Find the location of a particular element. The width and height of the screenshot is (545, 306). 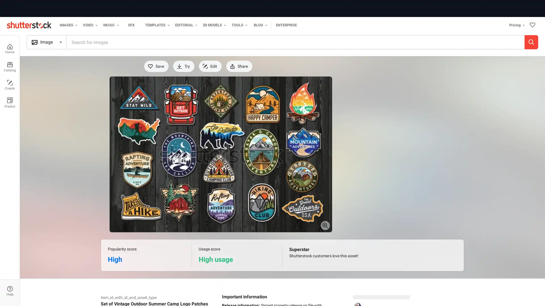

Shutterstock logo is located at coordinates (30, 25).